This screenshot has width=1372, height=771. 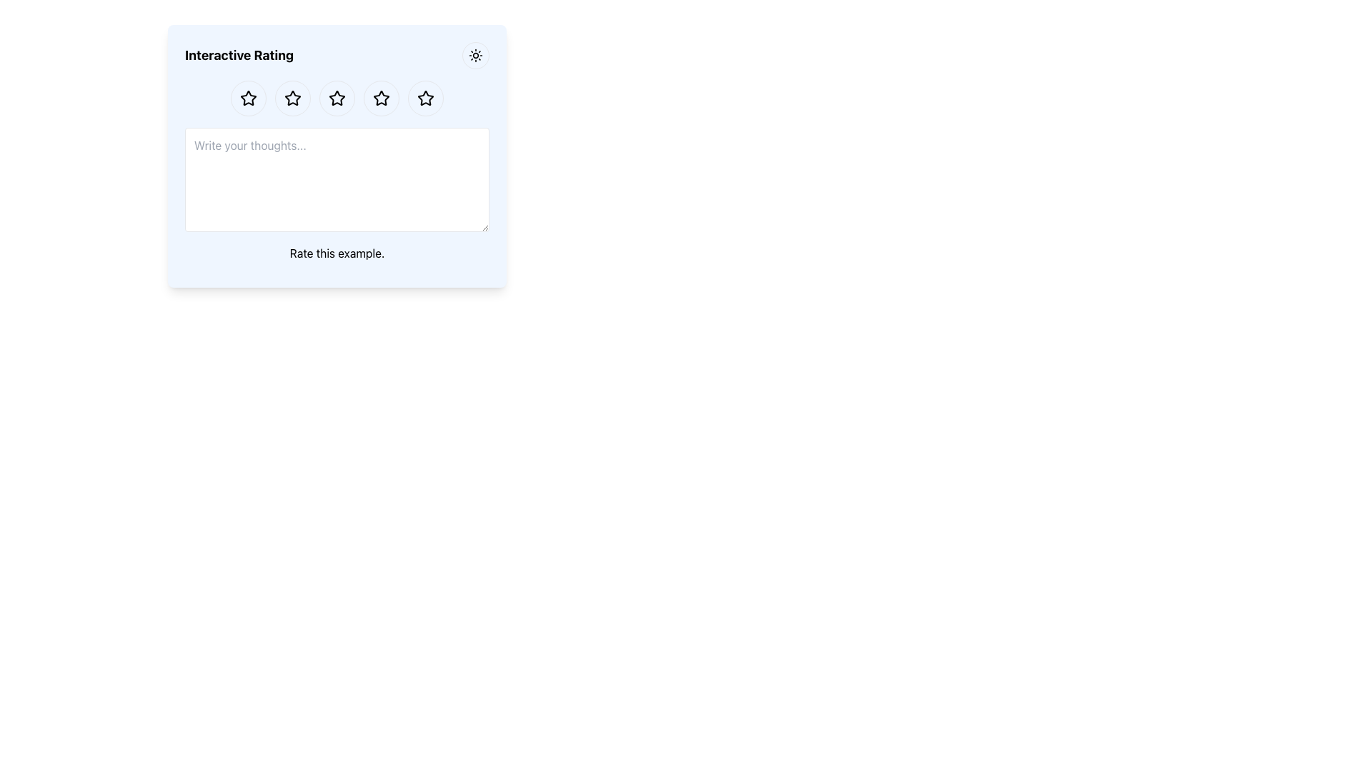 I want to click on the third star icon in the rating selection interface, so click(x=381, y=97).